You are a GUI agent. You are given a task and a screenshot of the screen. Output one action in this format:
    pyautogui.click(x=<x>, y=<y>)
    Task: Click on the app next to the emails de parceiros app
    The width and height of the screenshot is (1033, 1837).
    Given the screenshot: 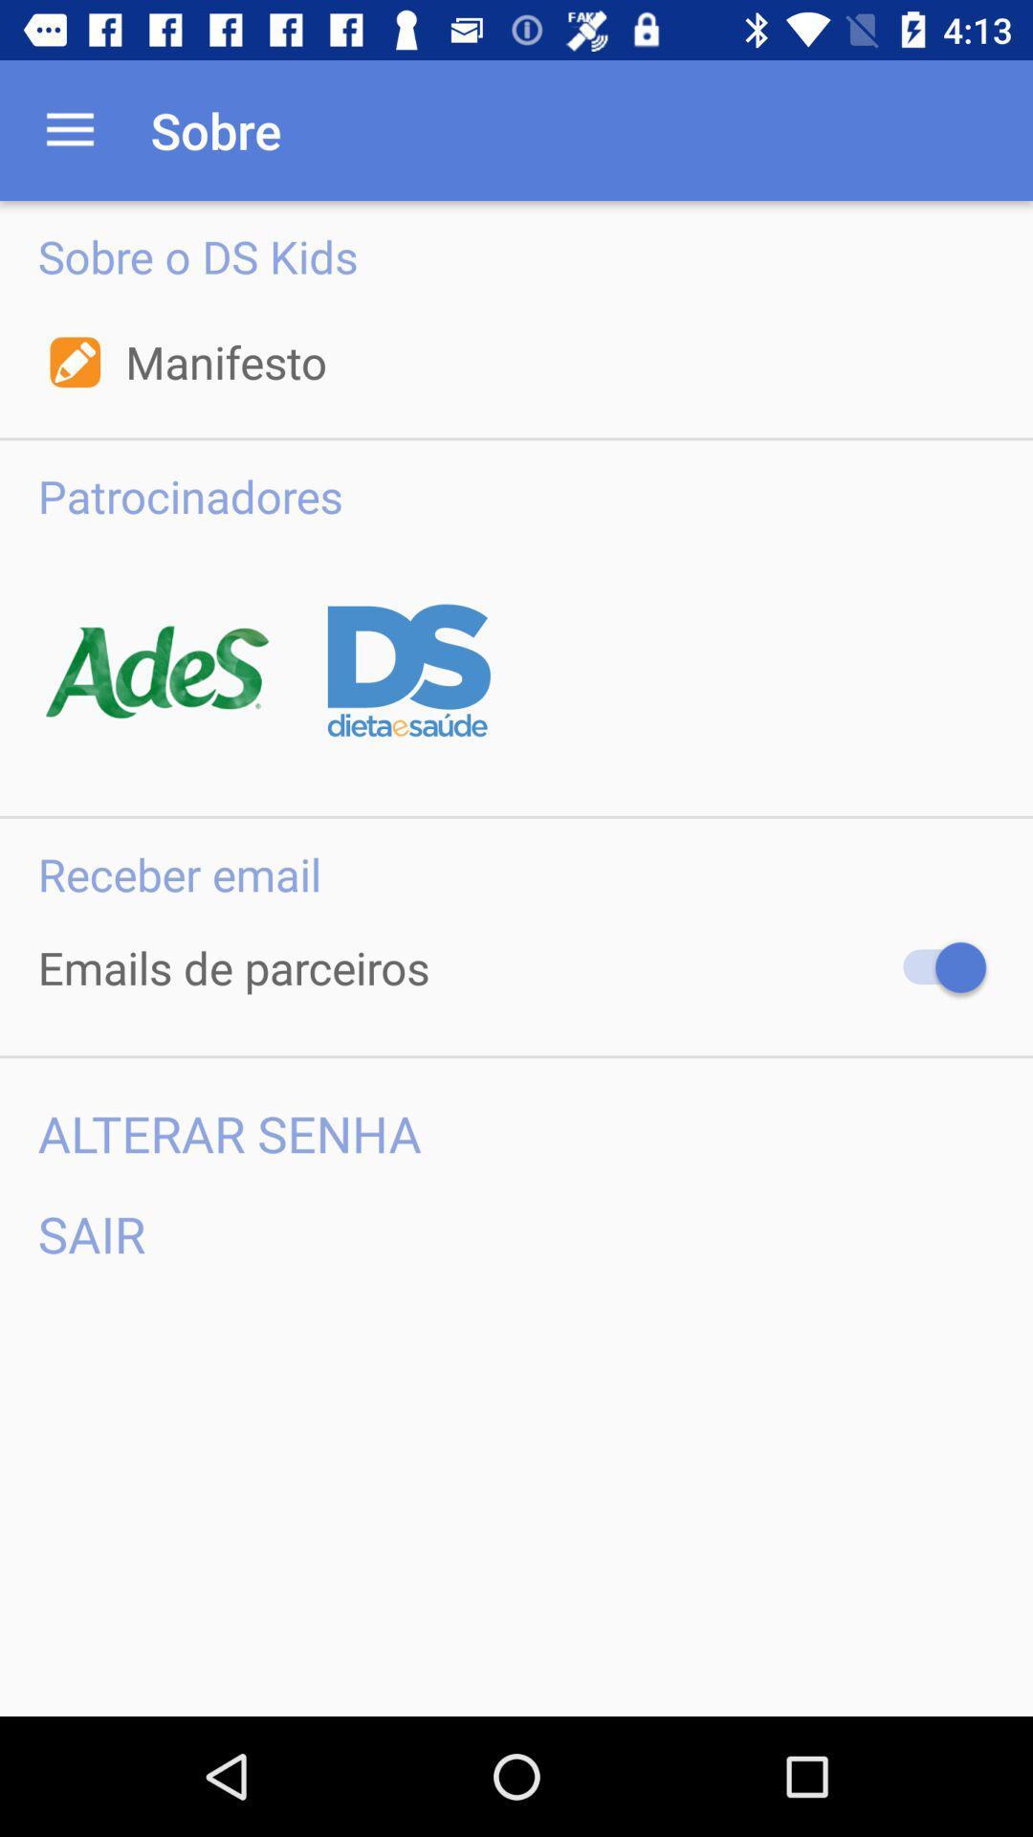 What is the action you would take?
    pyautogui.click(x=934, y=967)
    